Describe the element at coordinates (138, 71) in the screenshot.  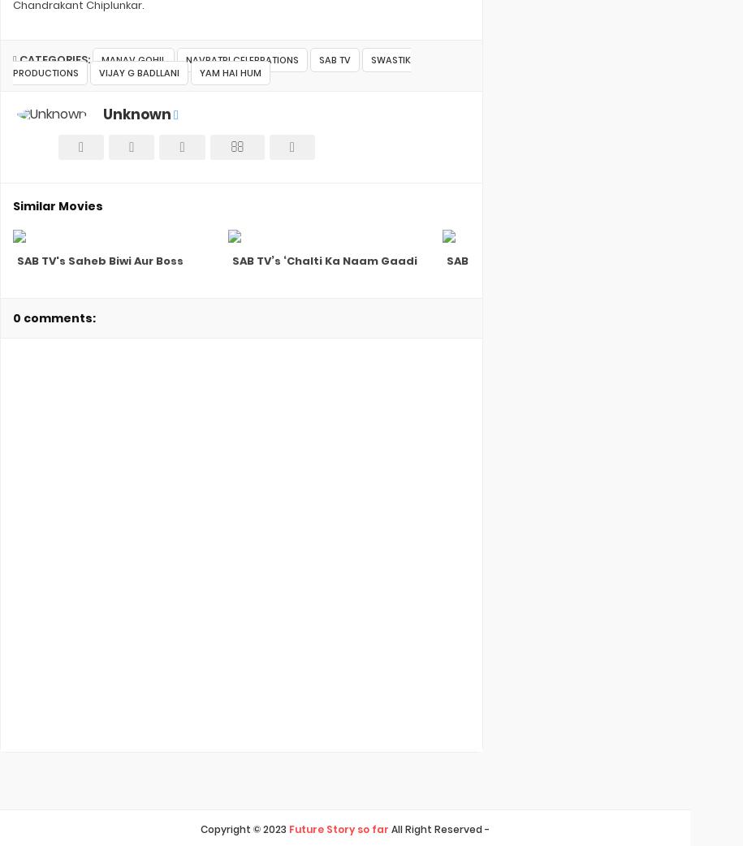
I see `'Vijay G Badllani'` at that location.